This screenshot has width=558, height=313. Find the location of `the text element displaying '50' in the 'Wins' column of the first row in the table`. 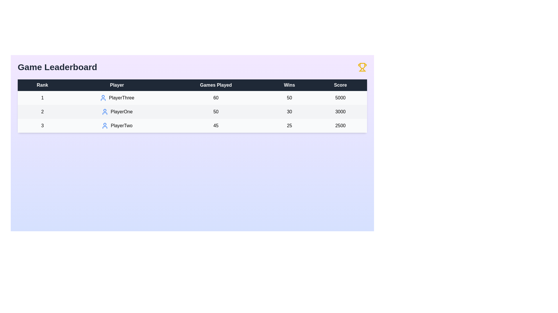

the text element displaying '50' in the 'Wins' column of the first row in the table is located at coordinates (289, 98).